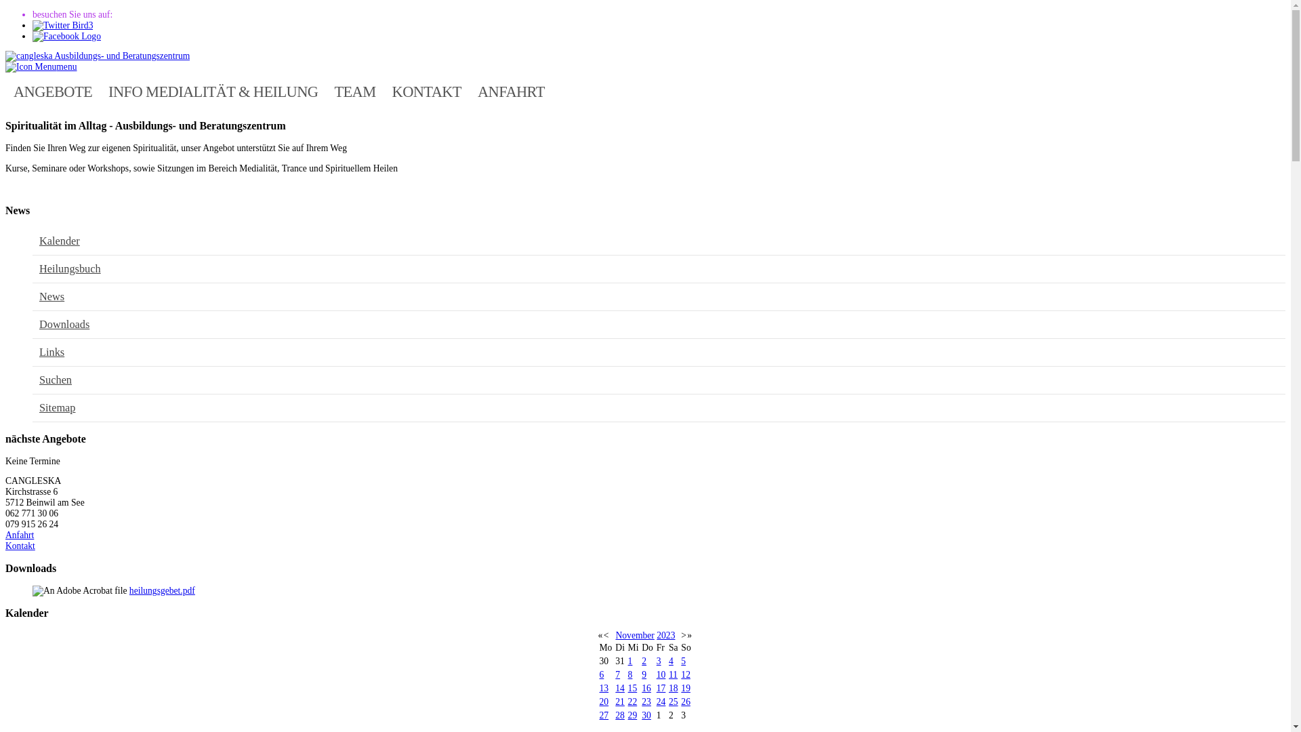  What do you see at coordinates (62, 25) in the screenshot?
I see `'Twitter'` at bounding box center [62, 25].